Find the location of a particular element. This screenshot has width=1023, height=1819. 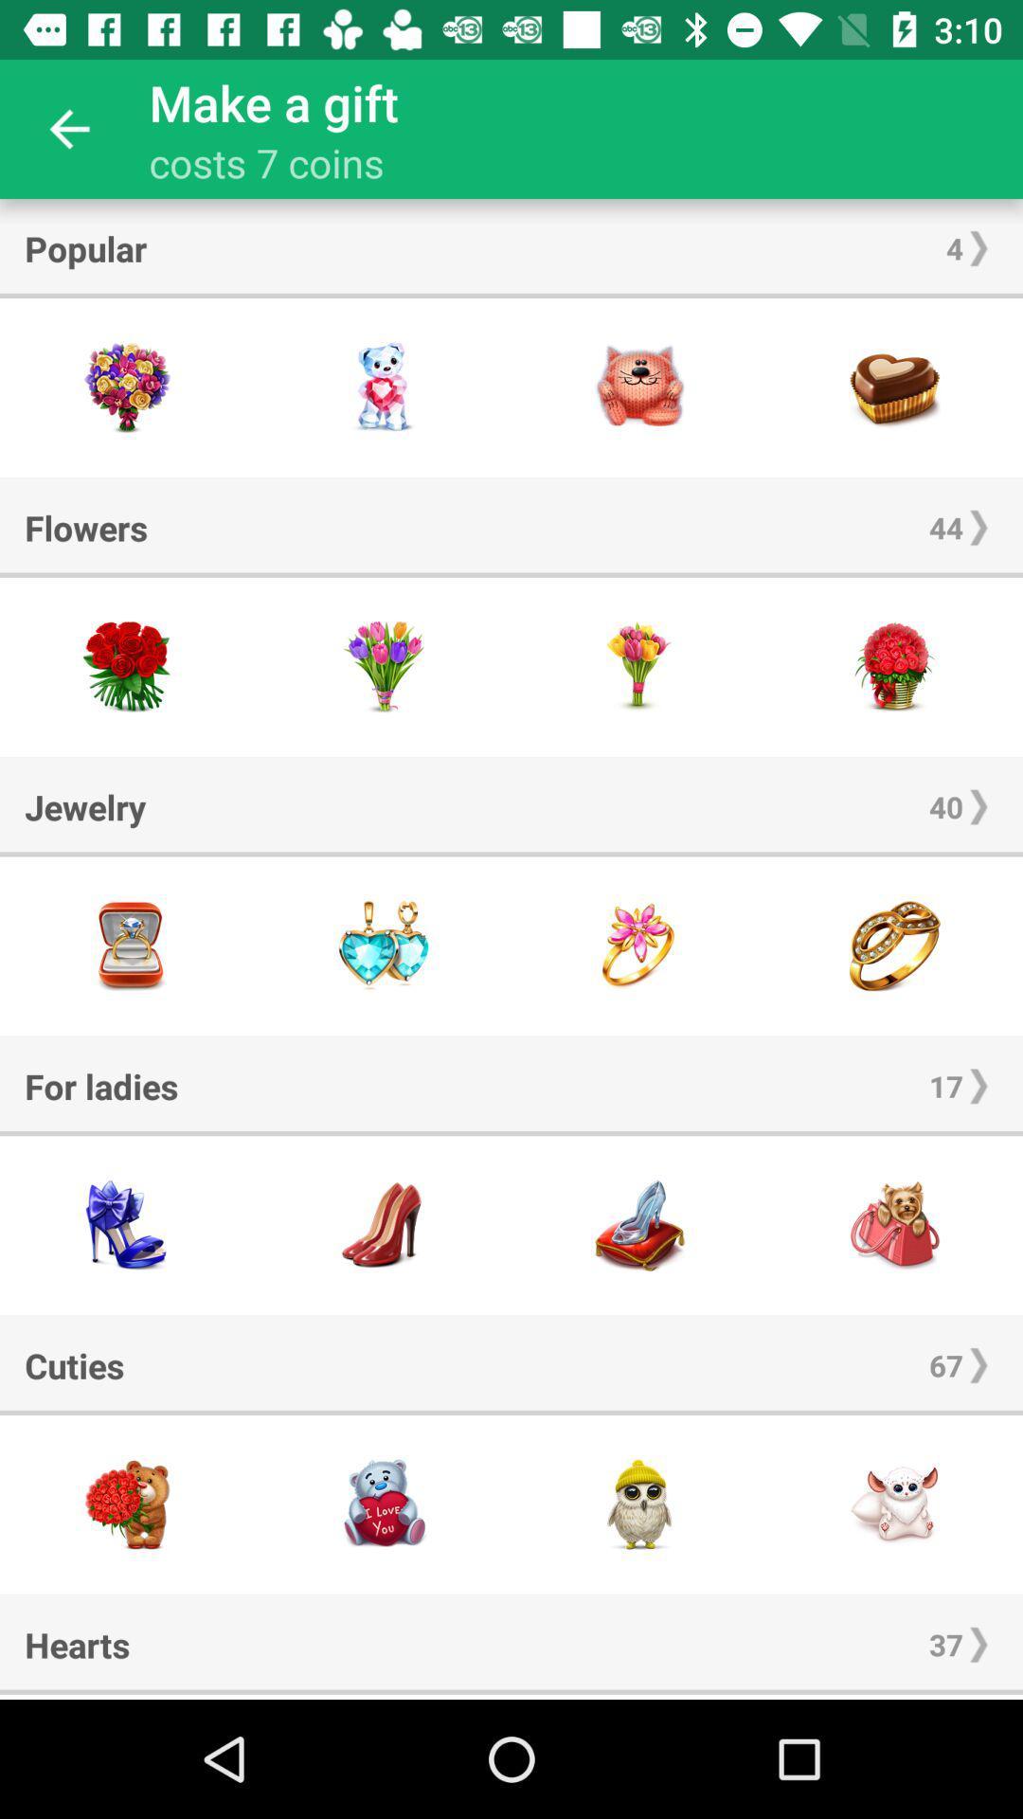

ring jewelry is located at coordinates (895, 946).